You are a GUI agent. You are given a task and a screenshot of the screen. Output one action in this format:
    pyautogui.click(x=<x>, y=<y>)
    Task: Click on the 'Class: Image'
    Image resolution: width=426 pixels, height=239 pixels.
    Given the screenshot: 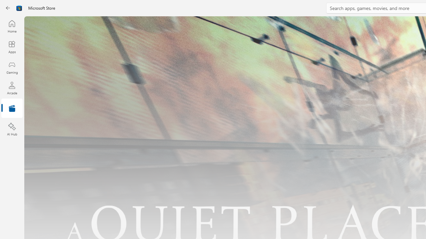 What is the action you would take?
    pyautogui.click(x=19, y=8)
    